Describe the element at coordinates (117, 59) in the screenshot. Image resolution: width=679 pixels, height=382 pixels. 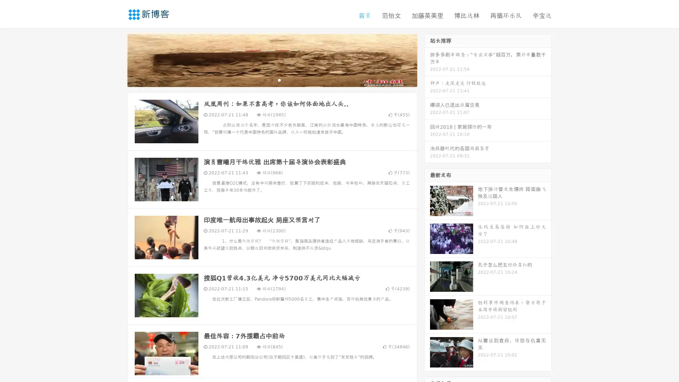
I see `Previous slide` at that location.